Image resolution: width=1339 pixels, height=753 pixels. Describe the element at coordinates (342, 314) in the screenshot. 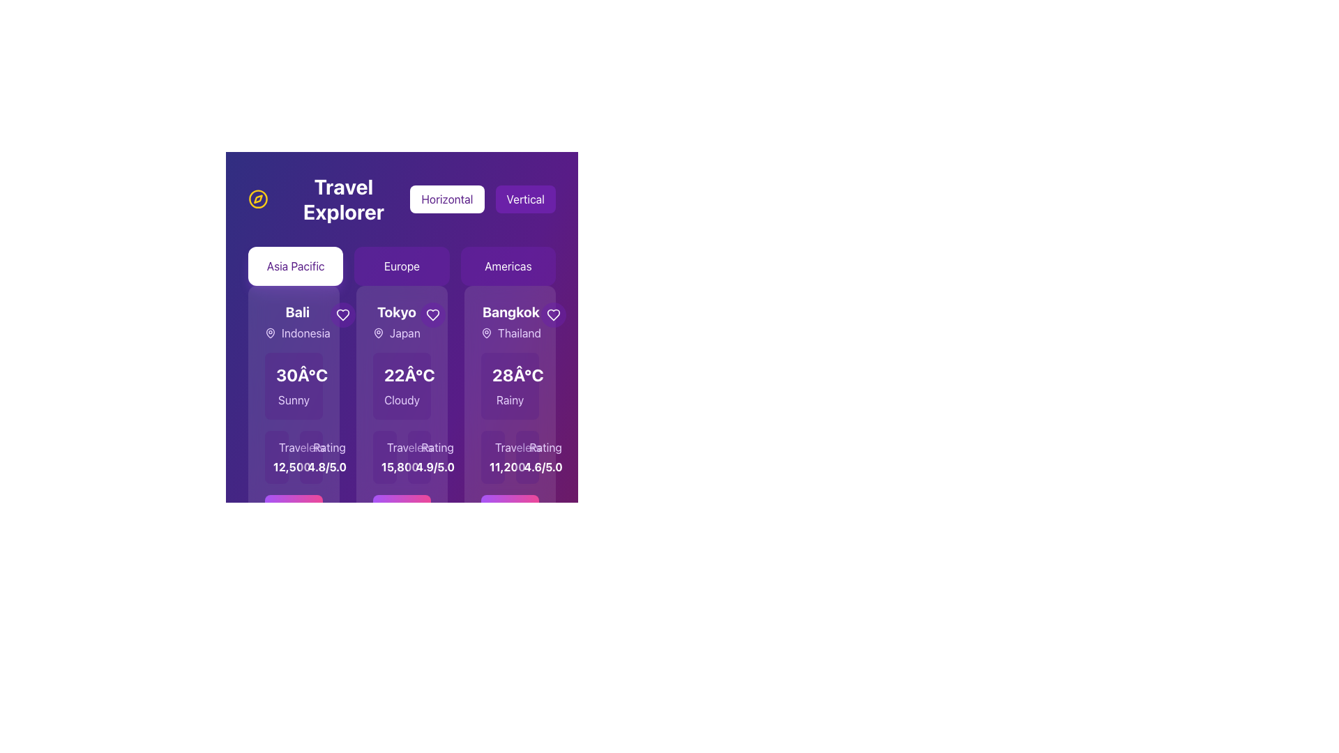

I see `the heart icon, which serves as a favorite or like indicator for marking the destination 'Bali' as preferred` at that location.